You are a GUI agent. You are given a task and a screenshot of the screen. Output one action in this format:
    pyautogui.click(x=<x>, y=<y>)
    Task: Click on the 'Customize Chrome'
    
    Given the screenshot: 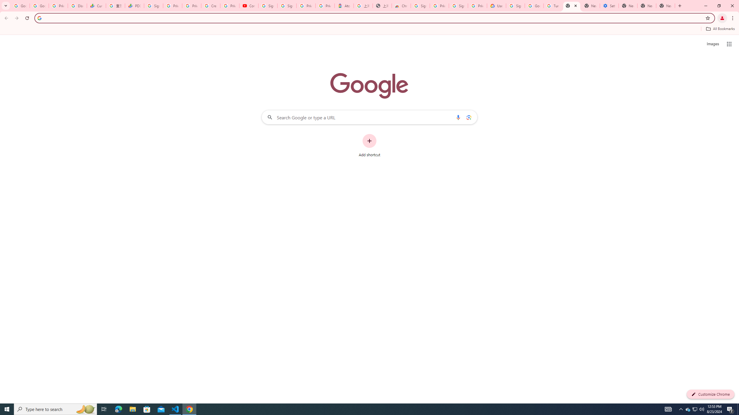 What is the action you would take?
    pyautogui.click(x=710, y=394)
    